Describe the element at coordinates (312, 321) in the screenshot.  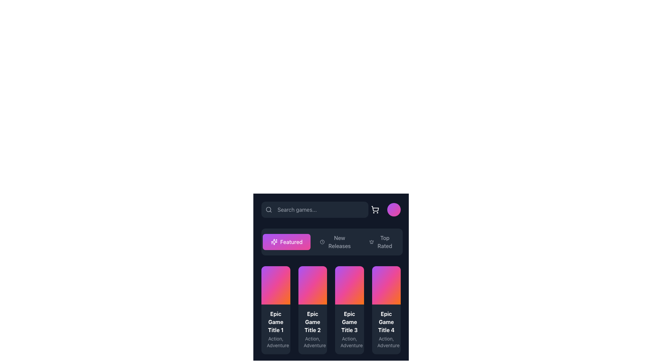
I see `the title of the game displayed on the second card from the left, positioned at the top of the card above the genre text` at that location.